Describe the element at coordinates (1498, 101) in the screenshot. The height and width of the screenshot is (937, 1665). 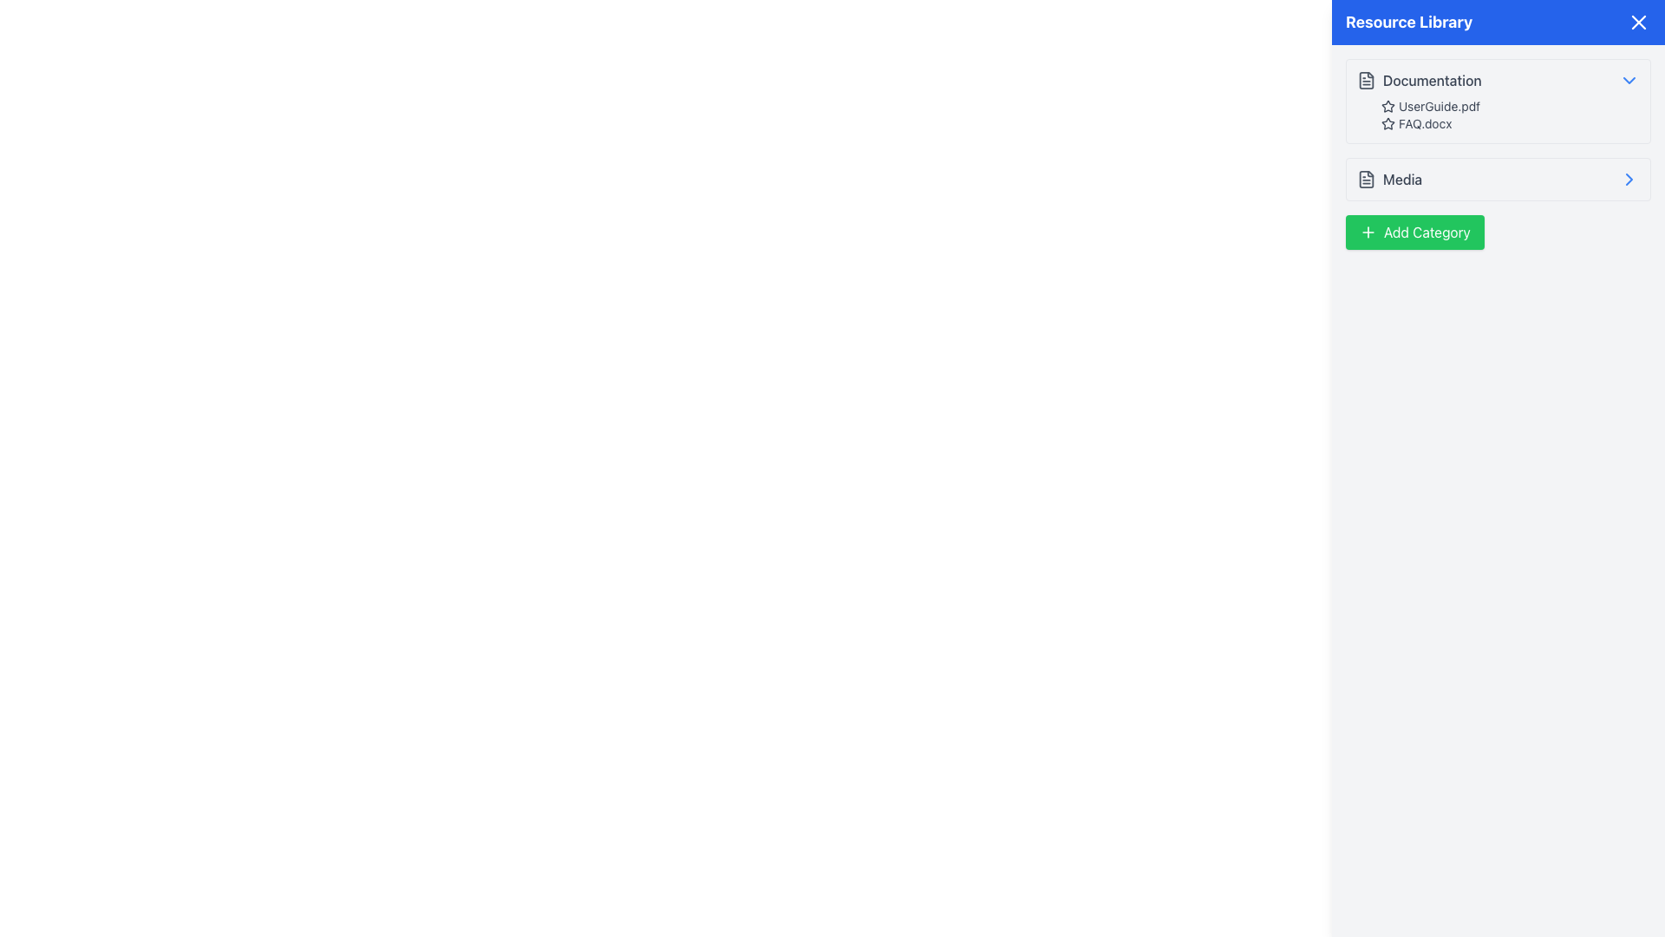
I see `the dropdown arrow of the Collapsible Section in the 'Resource Library' side panel` at that location.